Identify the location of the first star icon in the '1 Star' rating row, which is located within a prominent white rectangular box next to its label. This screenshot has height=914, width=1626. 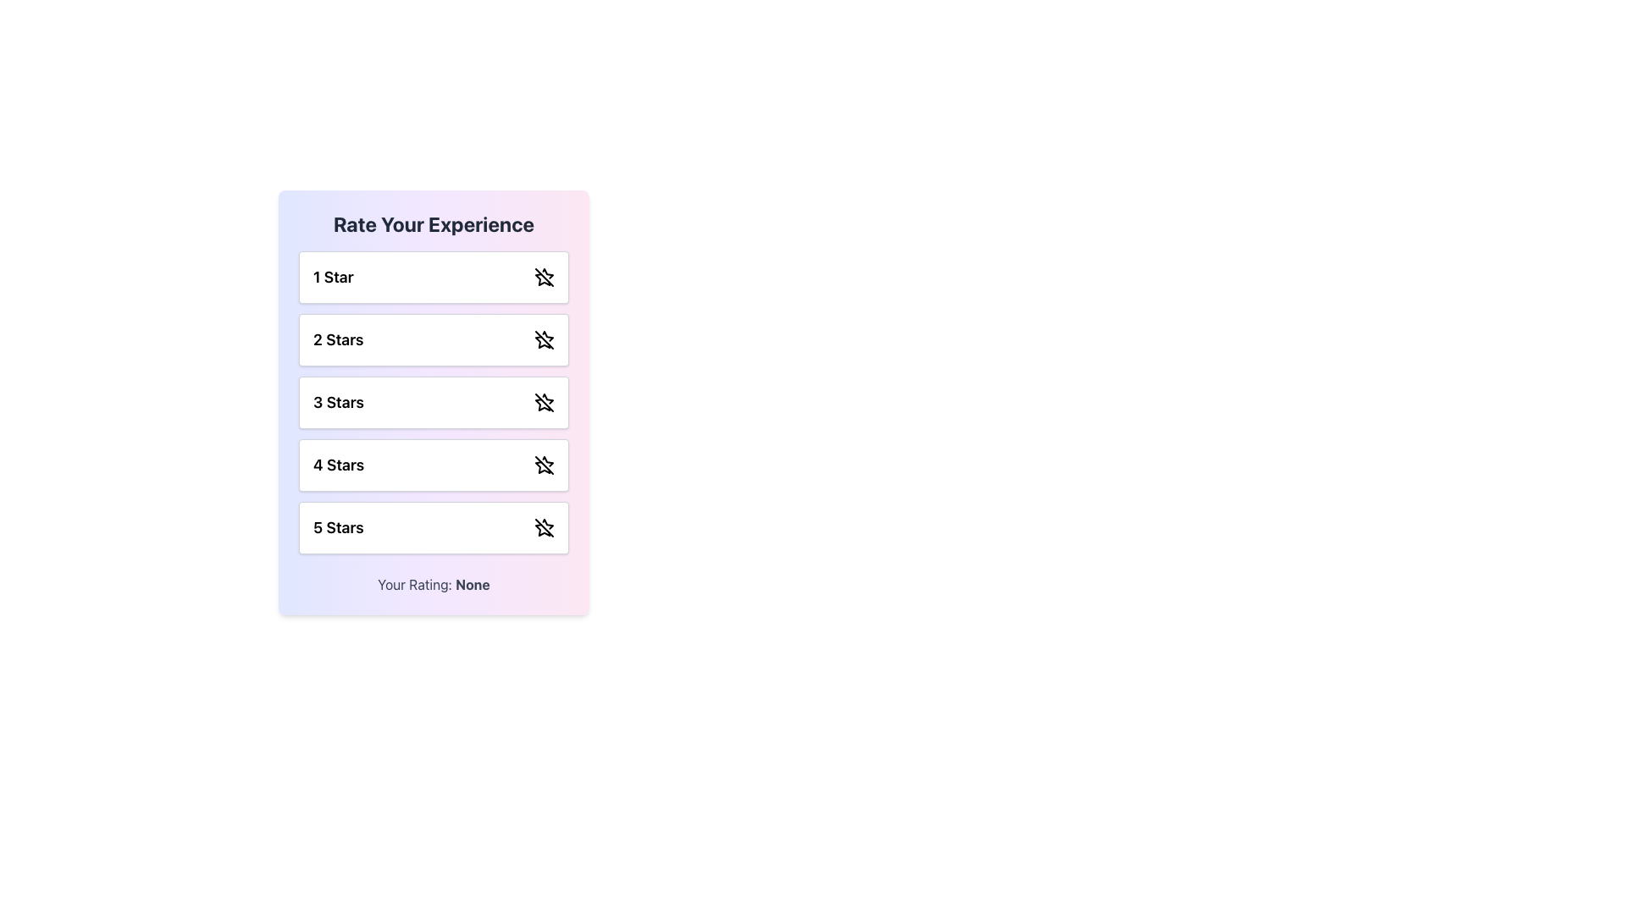
(543, 278).